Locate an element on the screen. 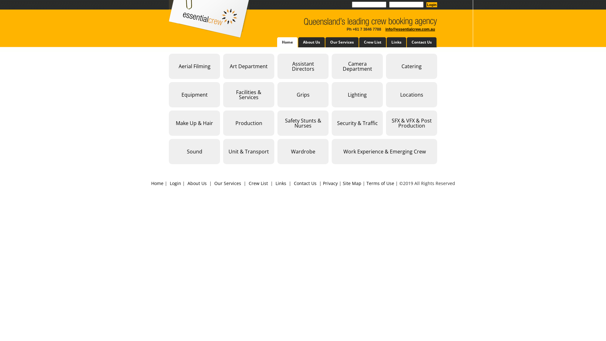 The height and width of the screenshot is (341, 606). 'Grips' is located at coordinates (303, 95).